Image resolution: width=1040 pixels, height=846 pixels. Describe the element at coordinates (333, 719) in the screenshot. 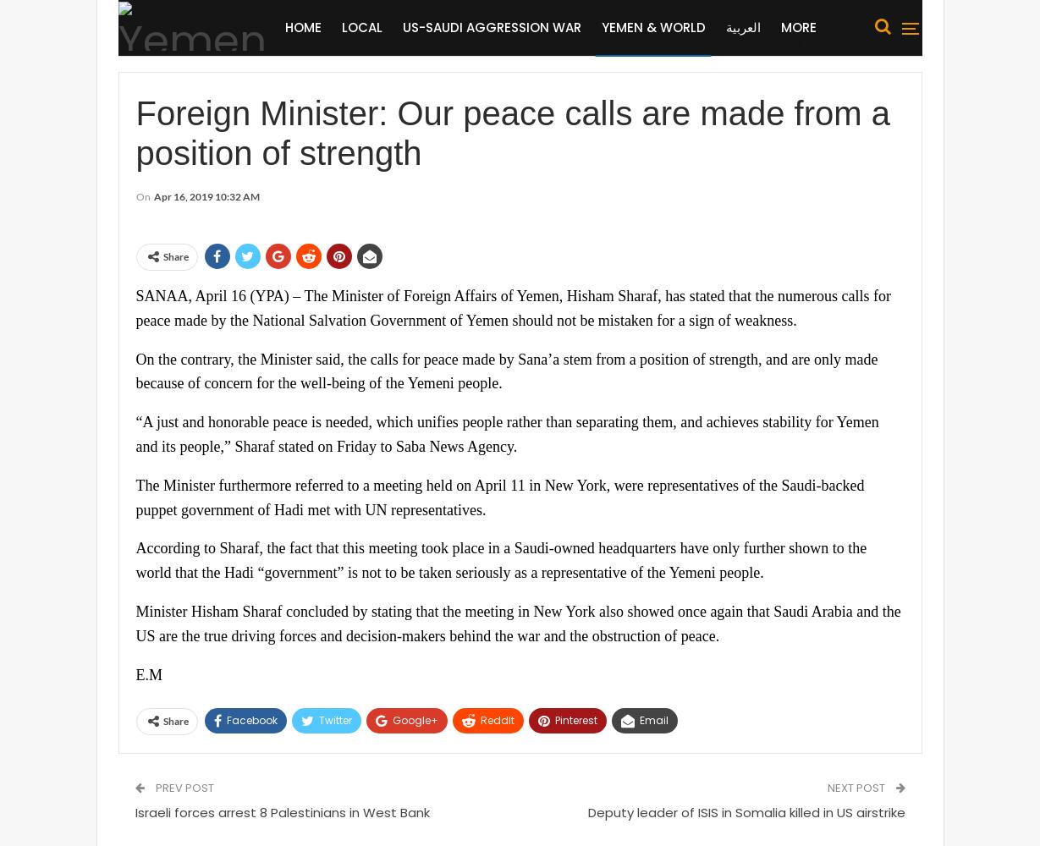

I see `'Twitter'` at that location.